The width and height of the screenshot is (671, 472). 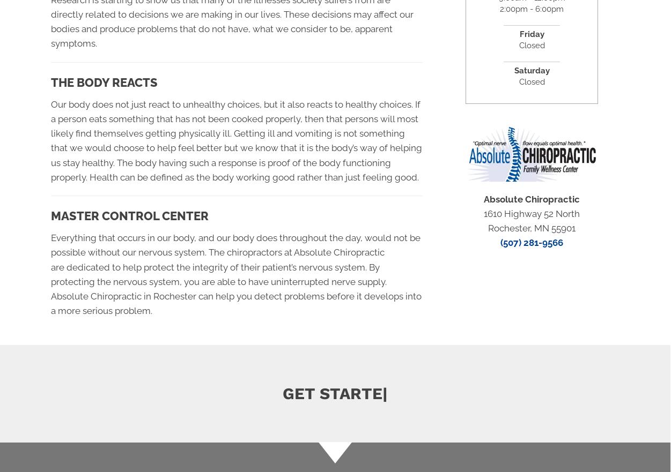 I want to click on 'Friday', so click(x=532, y=33).